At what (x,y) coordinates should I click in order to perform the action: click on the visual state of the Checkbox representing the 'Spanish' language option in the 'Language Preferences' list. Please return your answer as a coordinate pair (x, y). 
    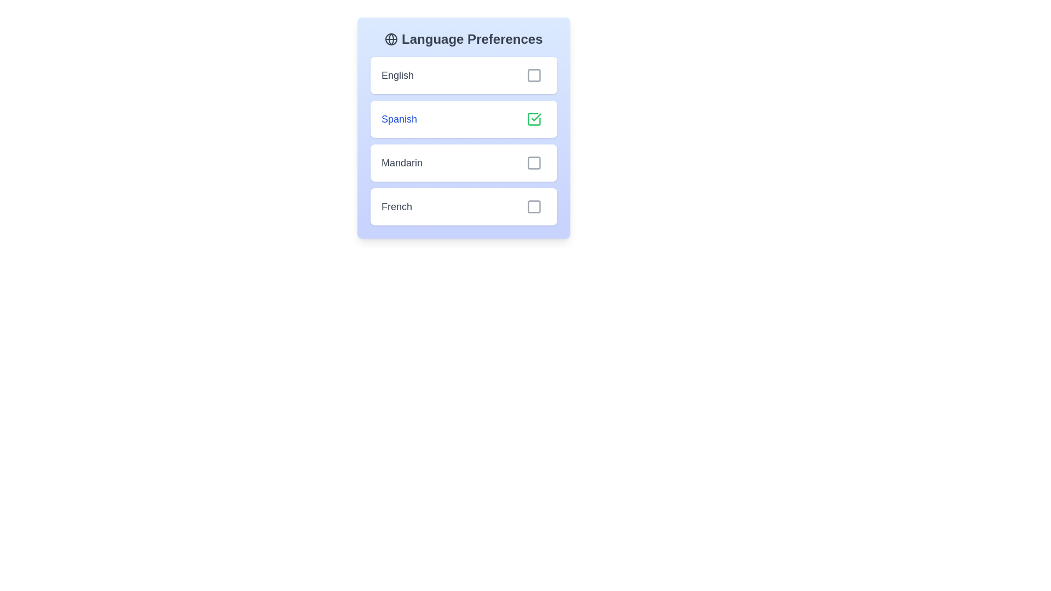
    Looking at the image, I should click on (534, 119).